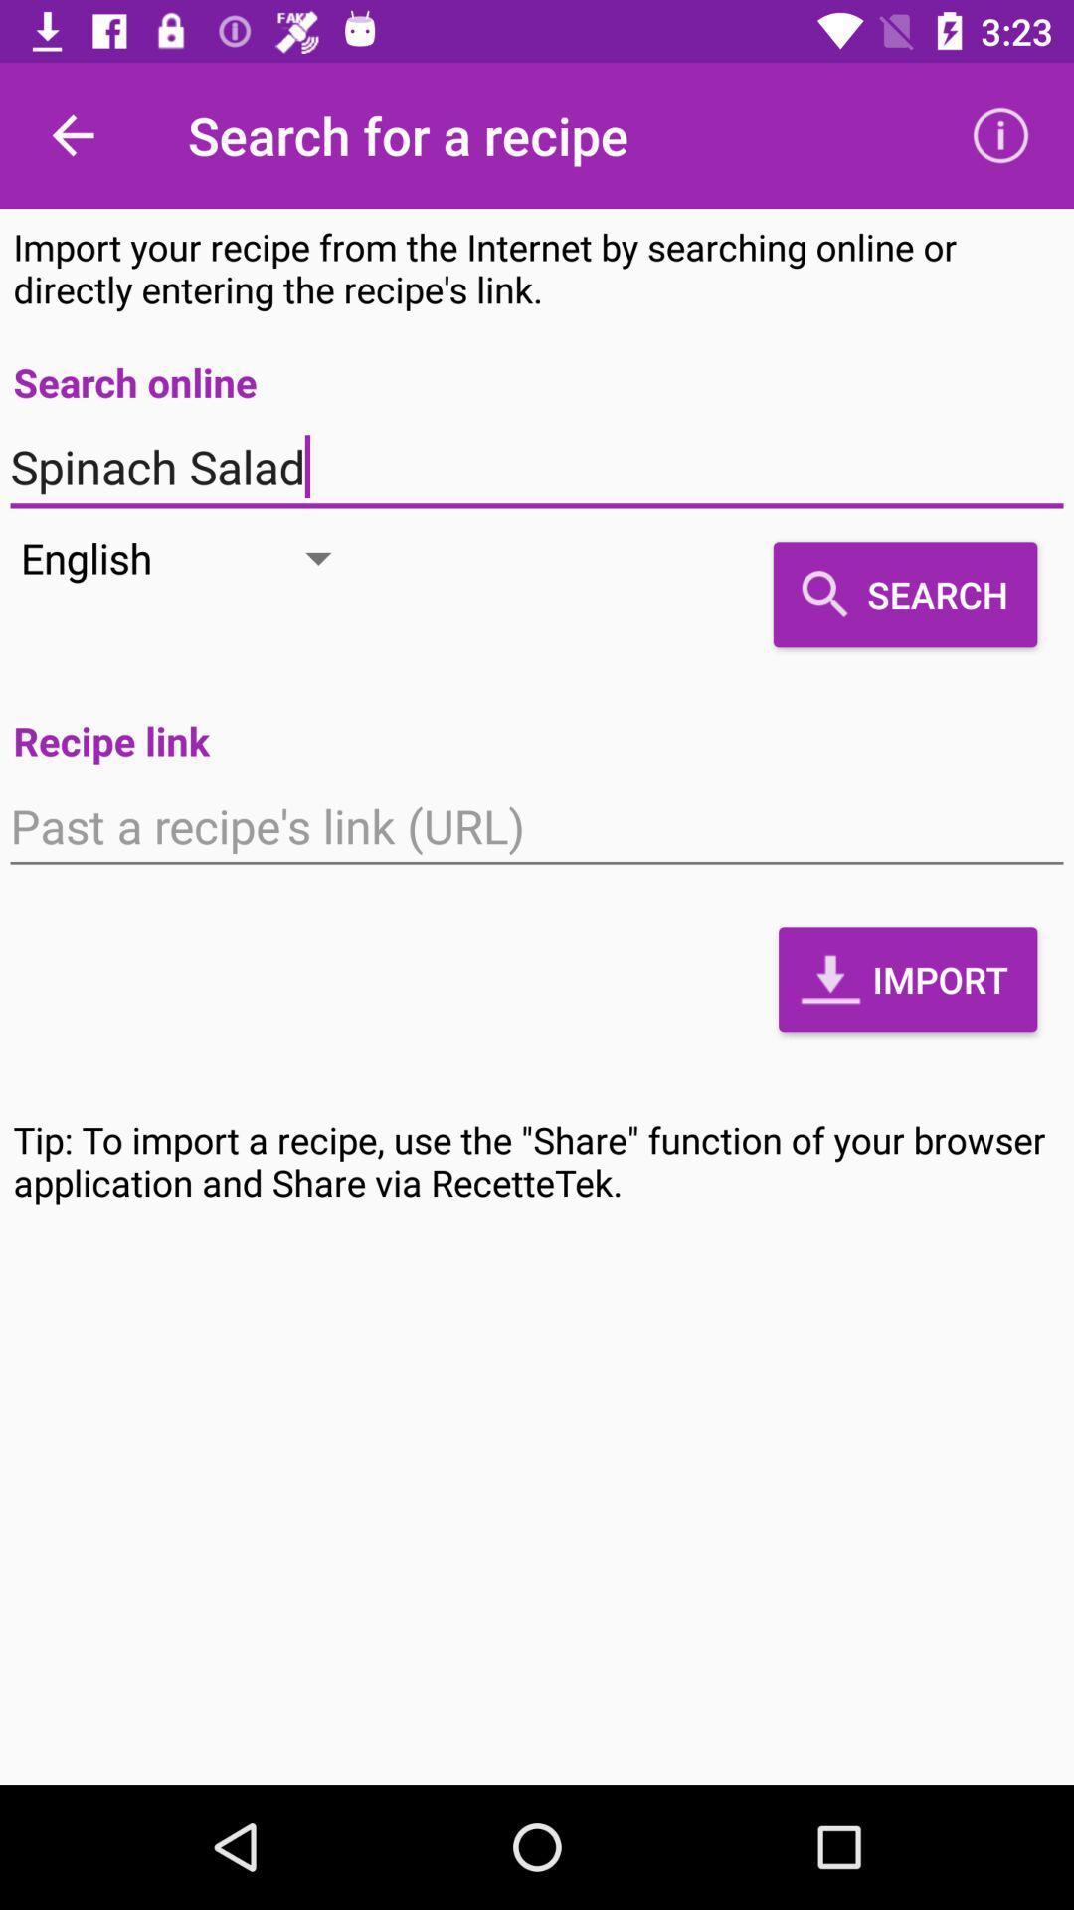 This screenshot has height=1910, width=1074. What do you see at coordinates (537, 826) in the screenshot?
I see `the recipe link` at bounding box center [537, 826].